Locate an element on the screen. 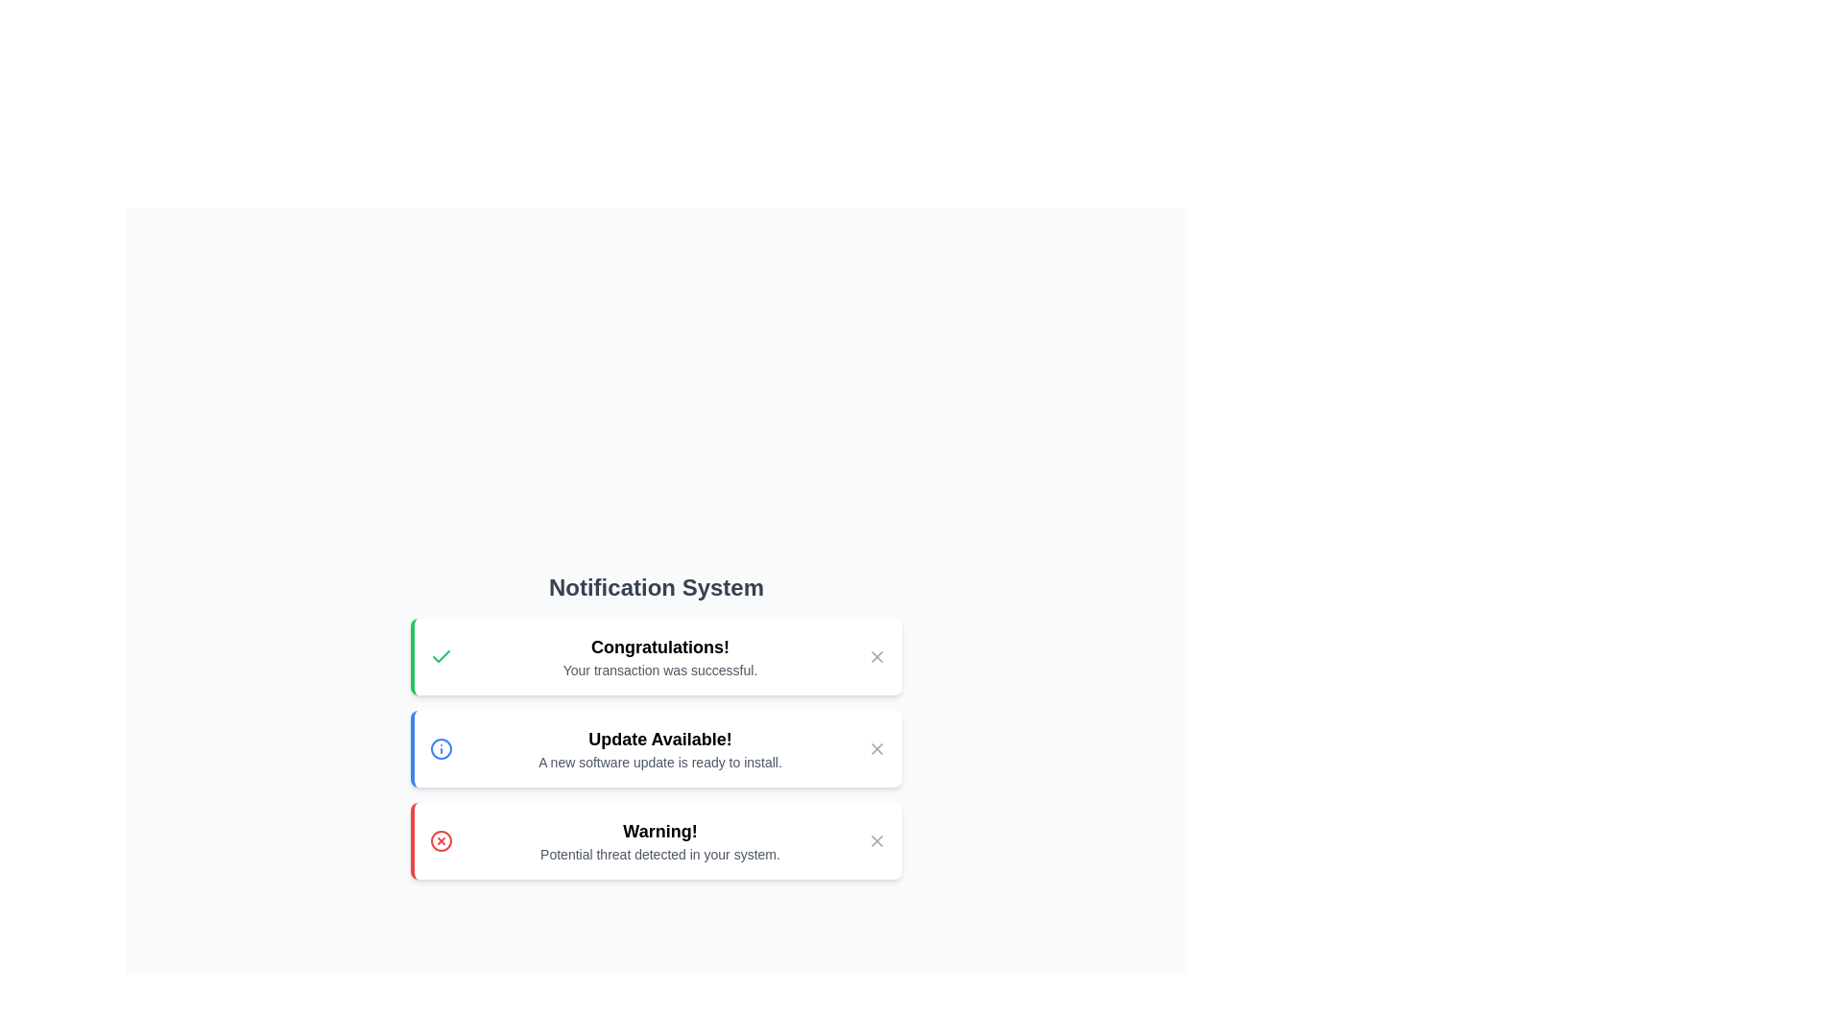 Image resolution: width=1843 pixels, height=1036 pixels. text label that serves as a title for the notification, positioned centrally above the message about the software update is located at coordinates (659, 739).